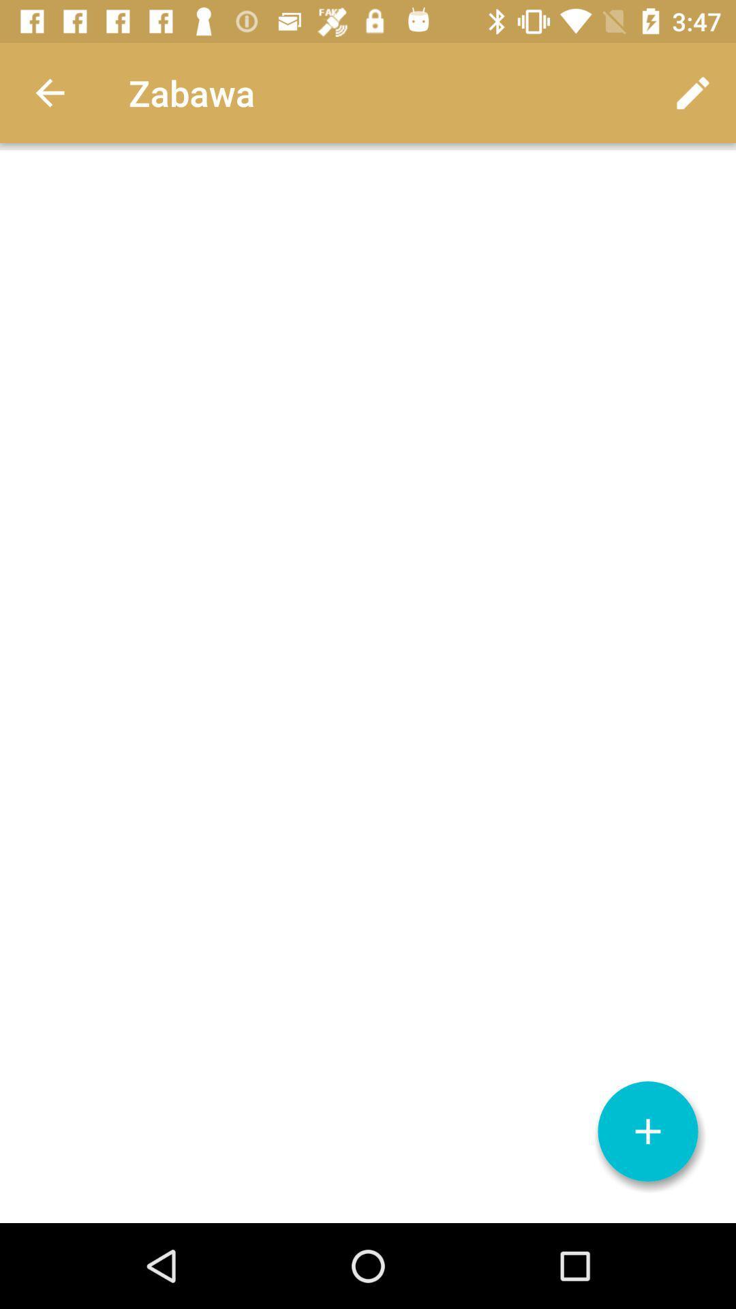 Image resolution: width=736 pixels, height=1309 pixels. Describe the element at coordinates (693, 92) in the screenshot. I see `the icon to the right of the zabawa item` at that location.